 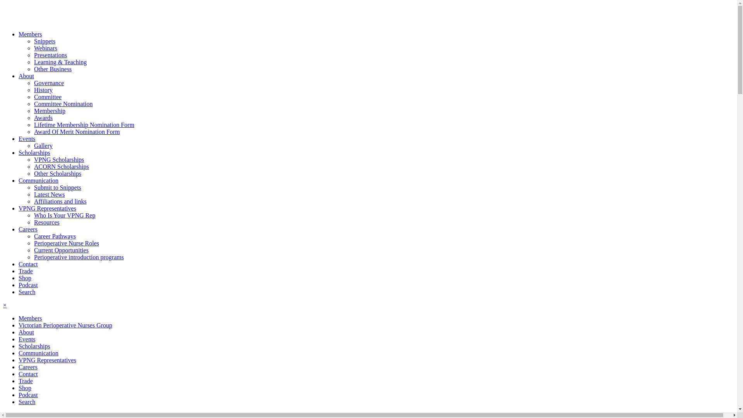 I want to click on 'Scholarships', so click(x=19, y=346).